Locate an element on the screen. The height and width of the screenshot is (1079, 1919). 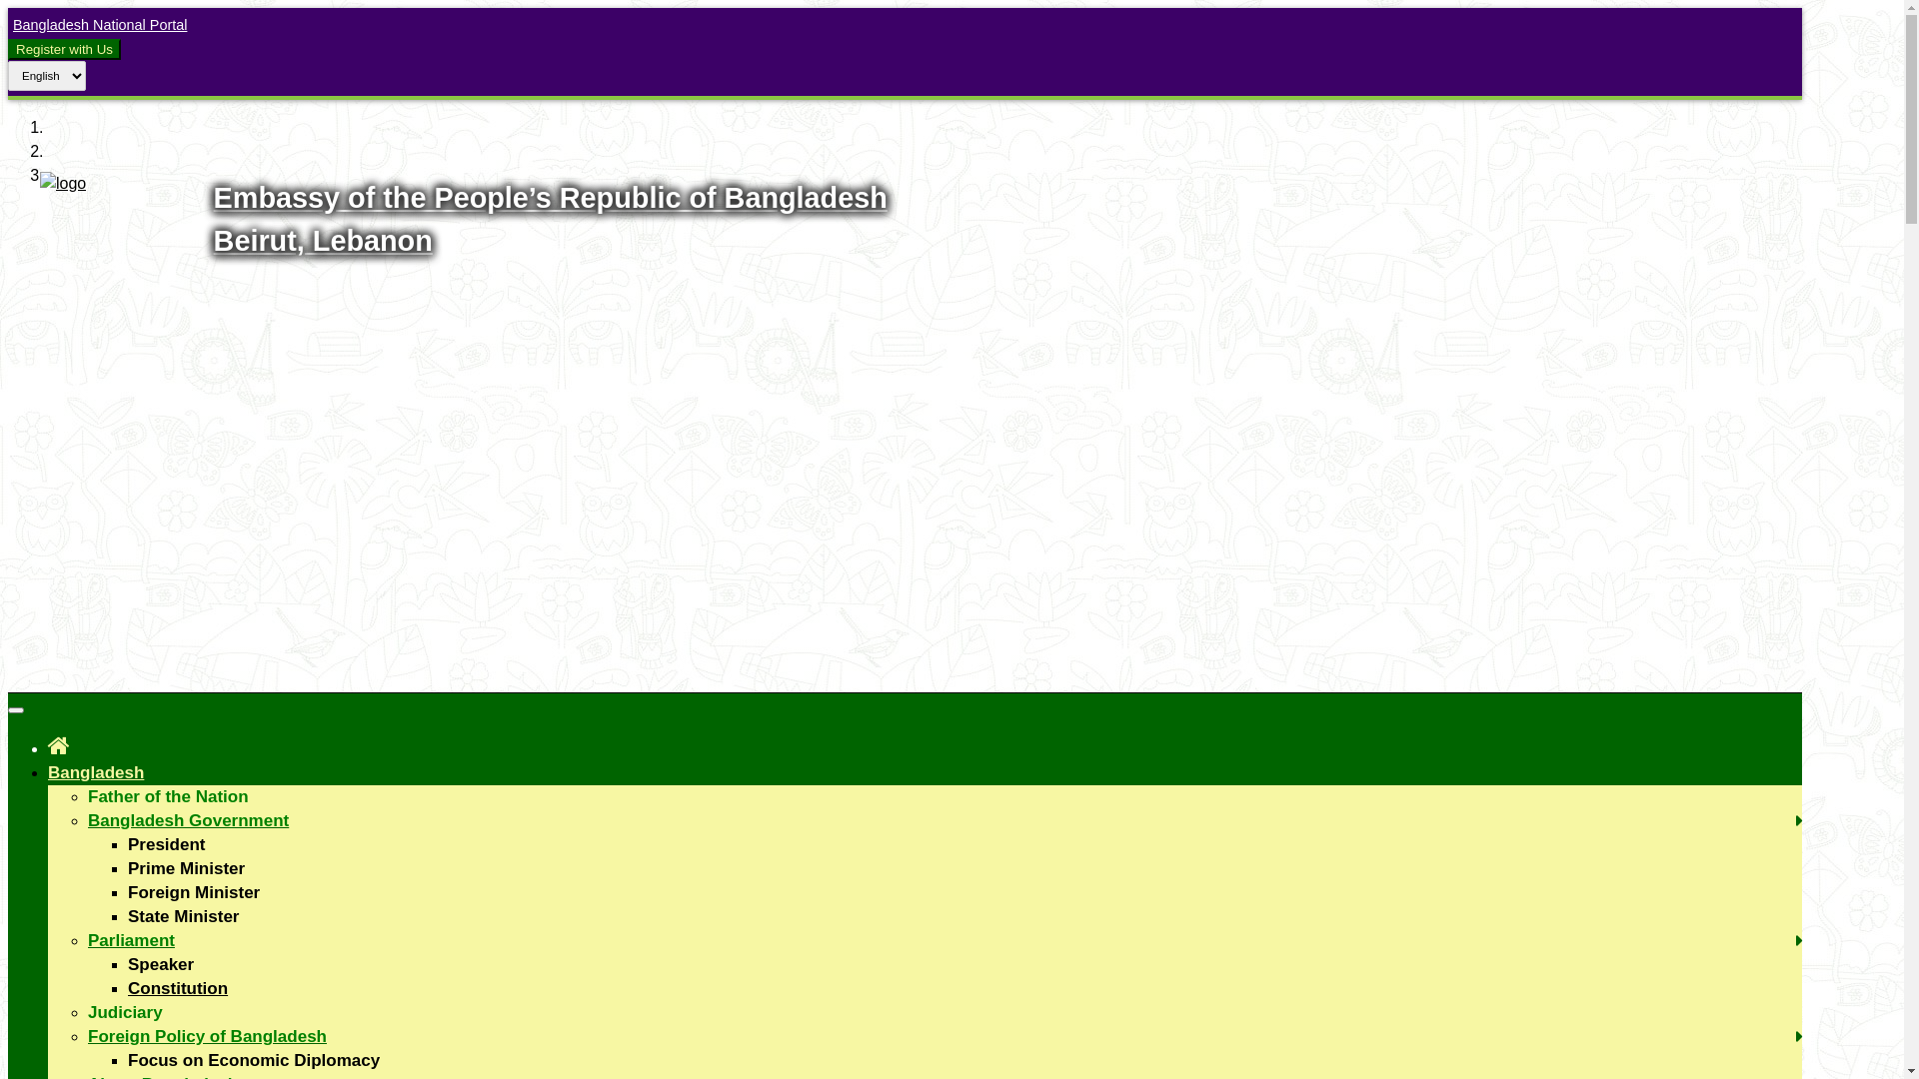
'Bangladesh Government' is located at coordinates (188, 820).